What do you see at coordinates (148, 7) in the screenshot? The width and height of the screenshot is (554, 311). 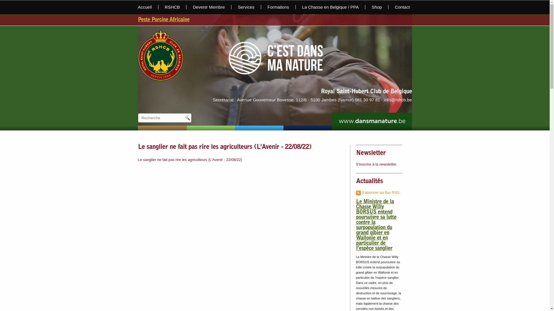 I see `'Accueil'` at bounding box center [148, 7].